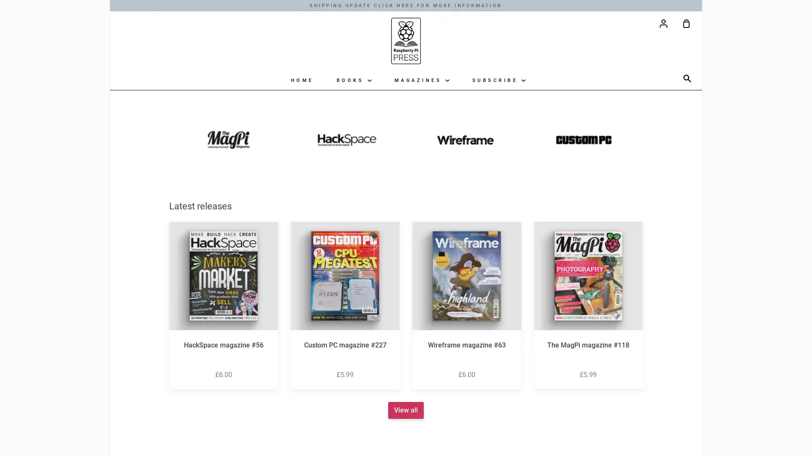  Describe the element at coordinates (405, 284) in the screenshot. I see `Change shipping country` at that location.